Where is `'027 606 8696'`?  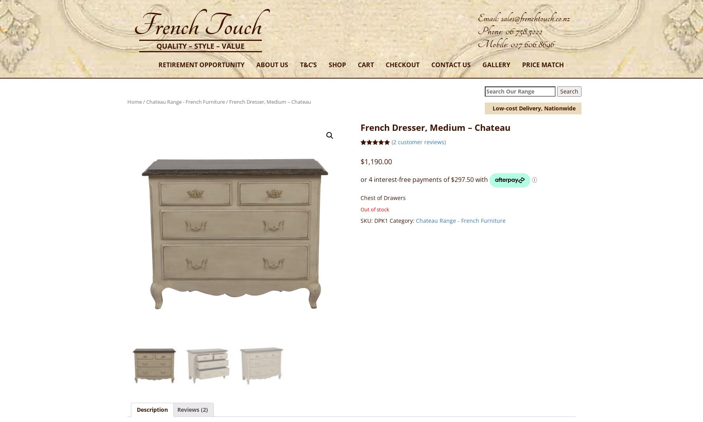
'027 606 8696' is located at coordinates (532, 44).